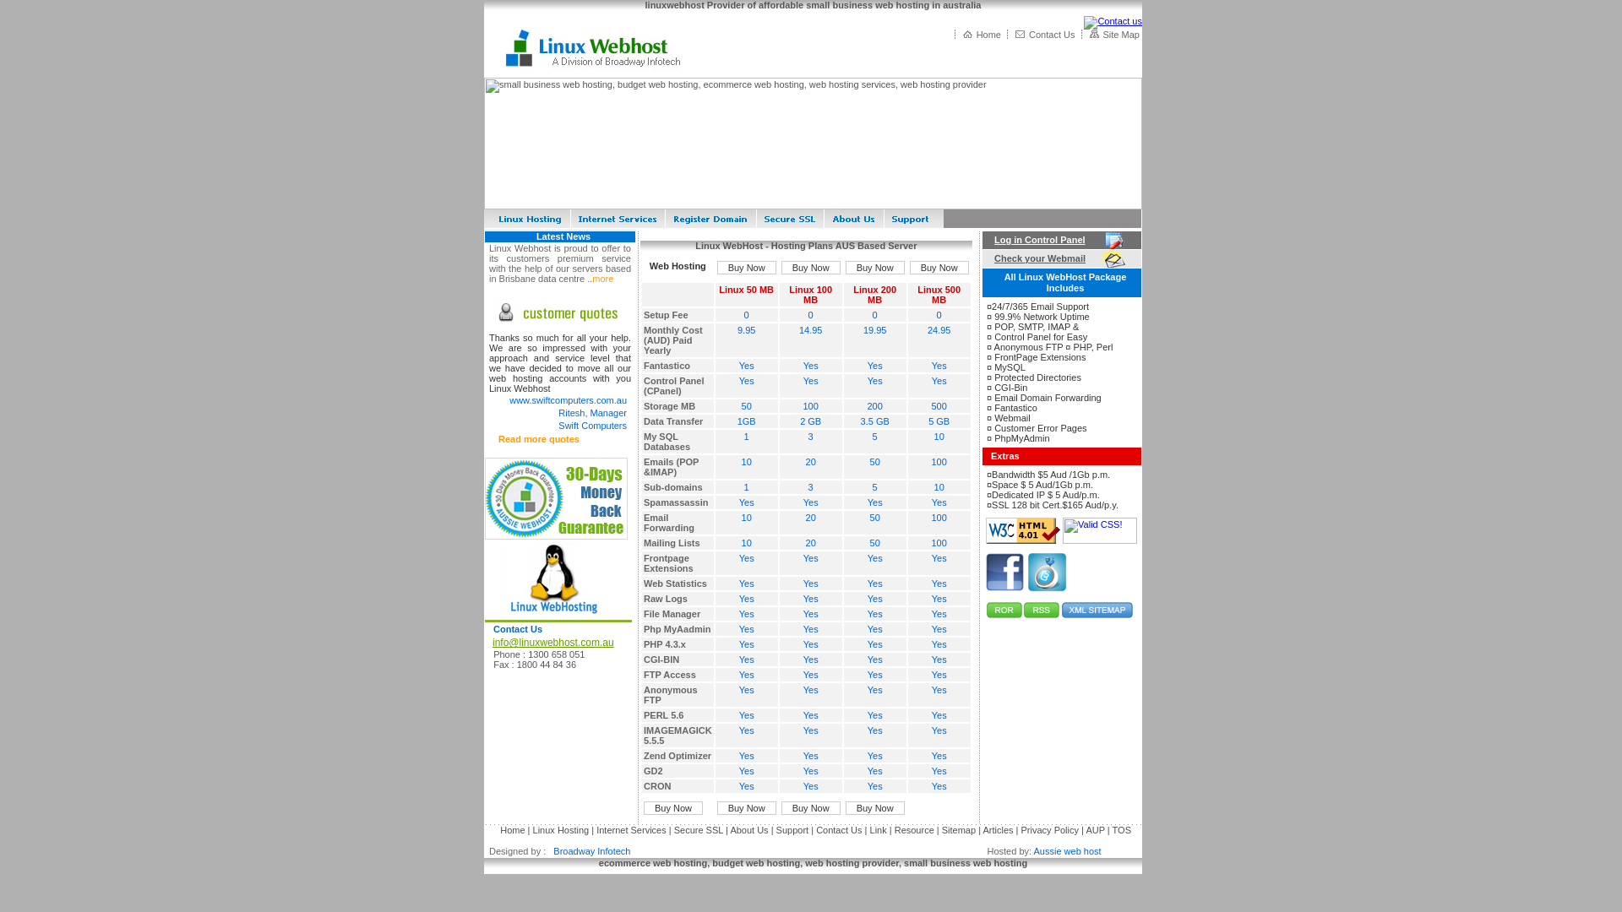  Describe the element at coordinates (915, 829) in the screenshot. I see `'Resource'` at that location.